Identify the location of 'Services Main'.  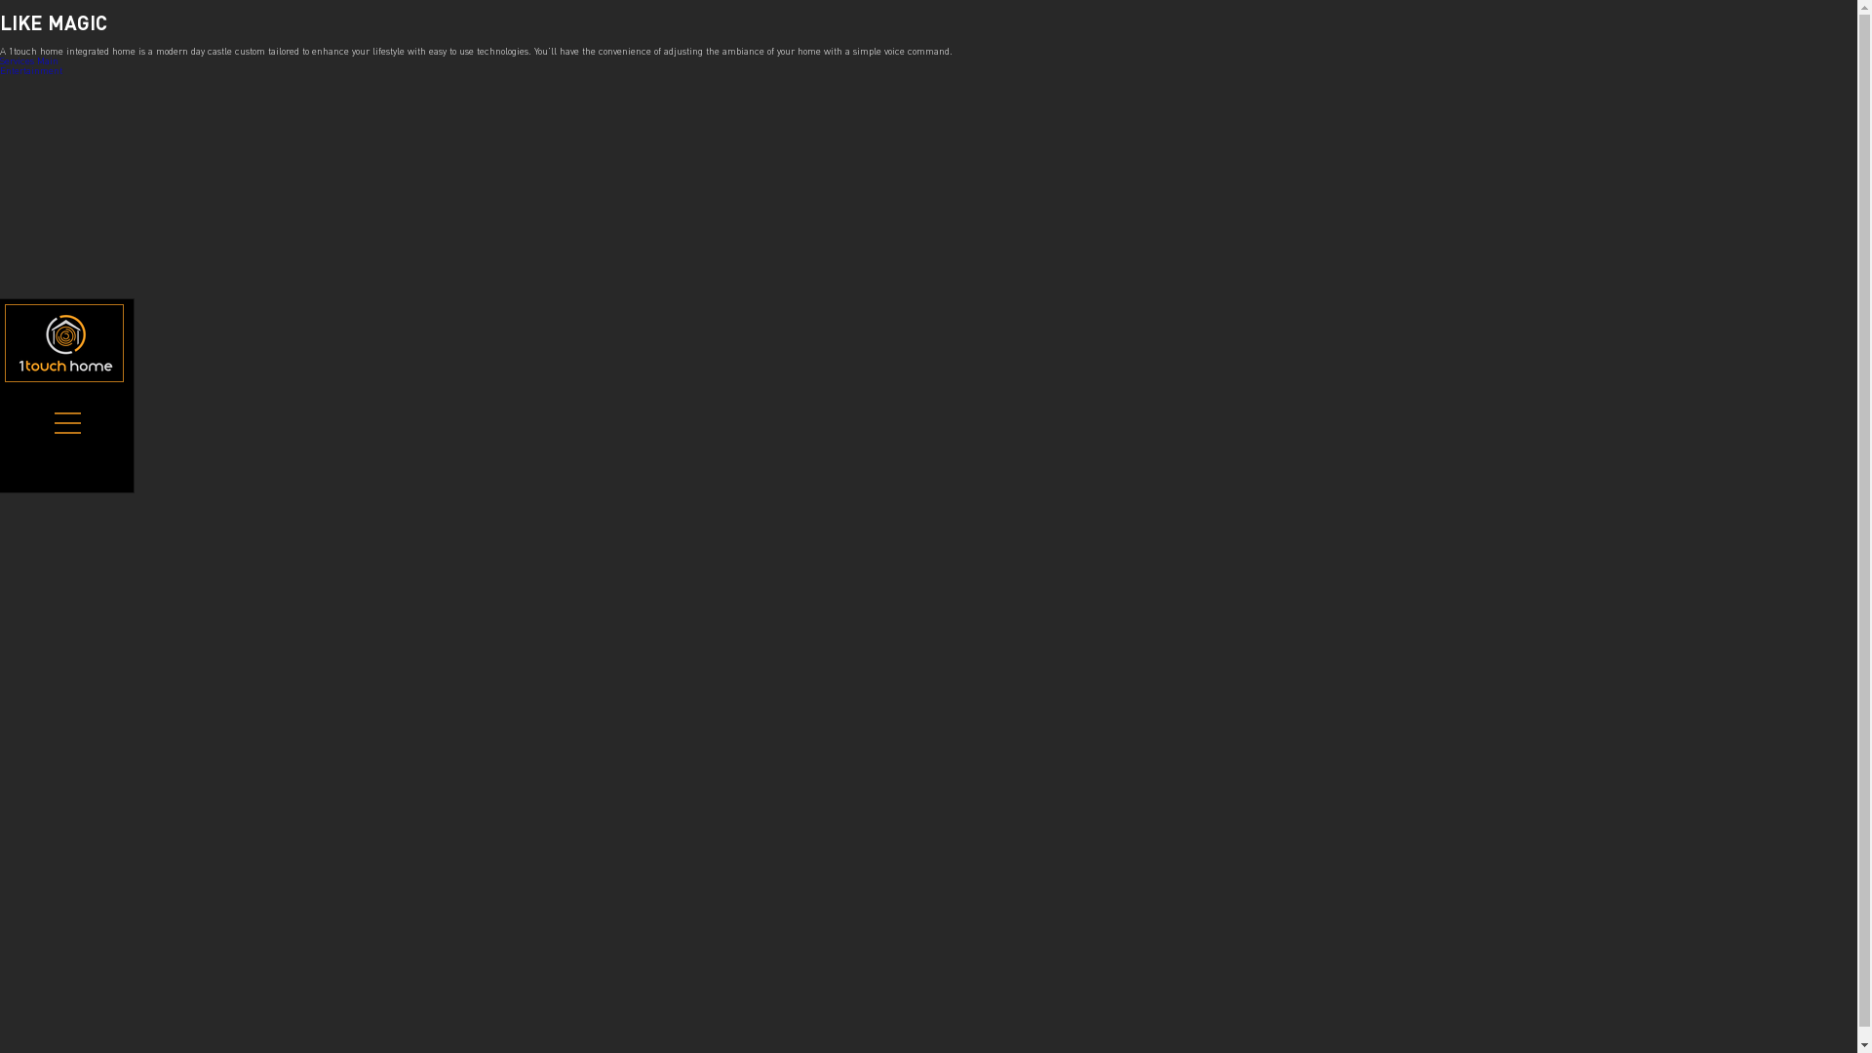
(28, 58).